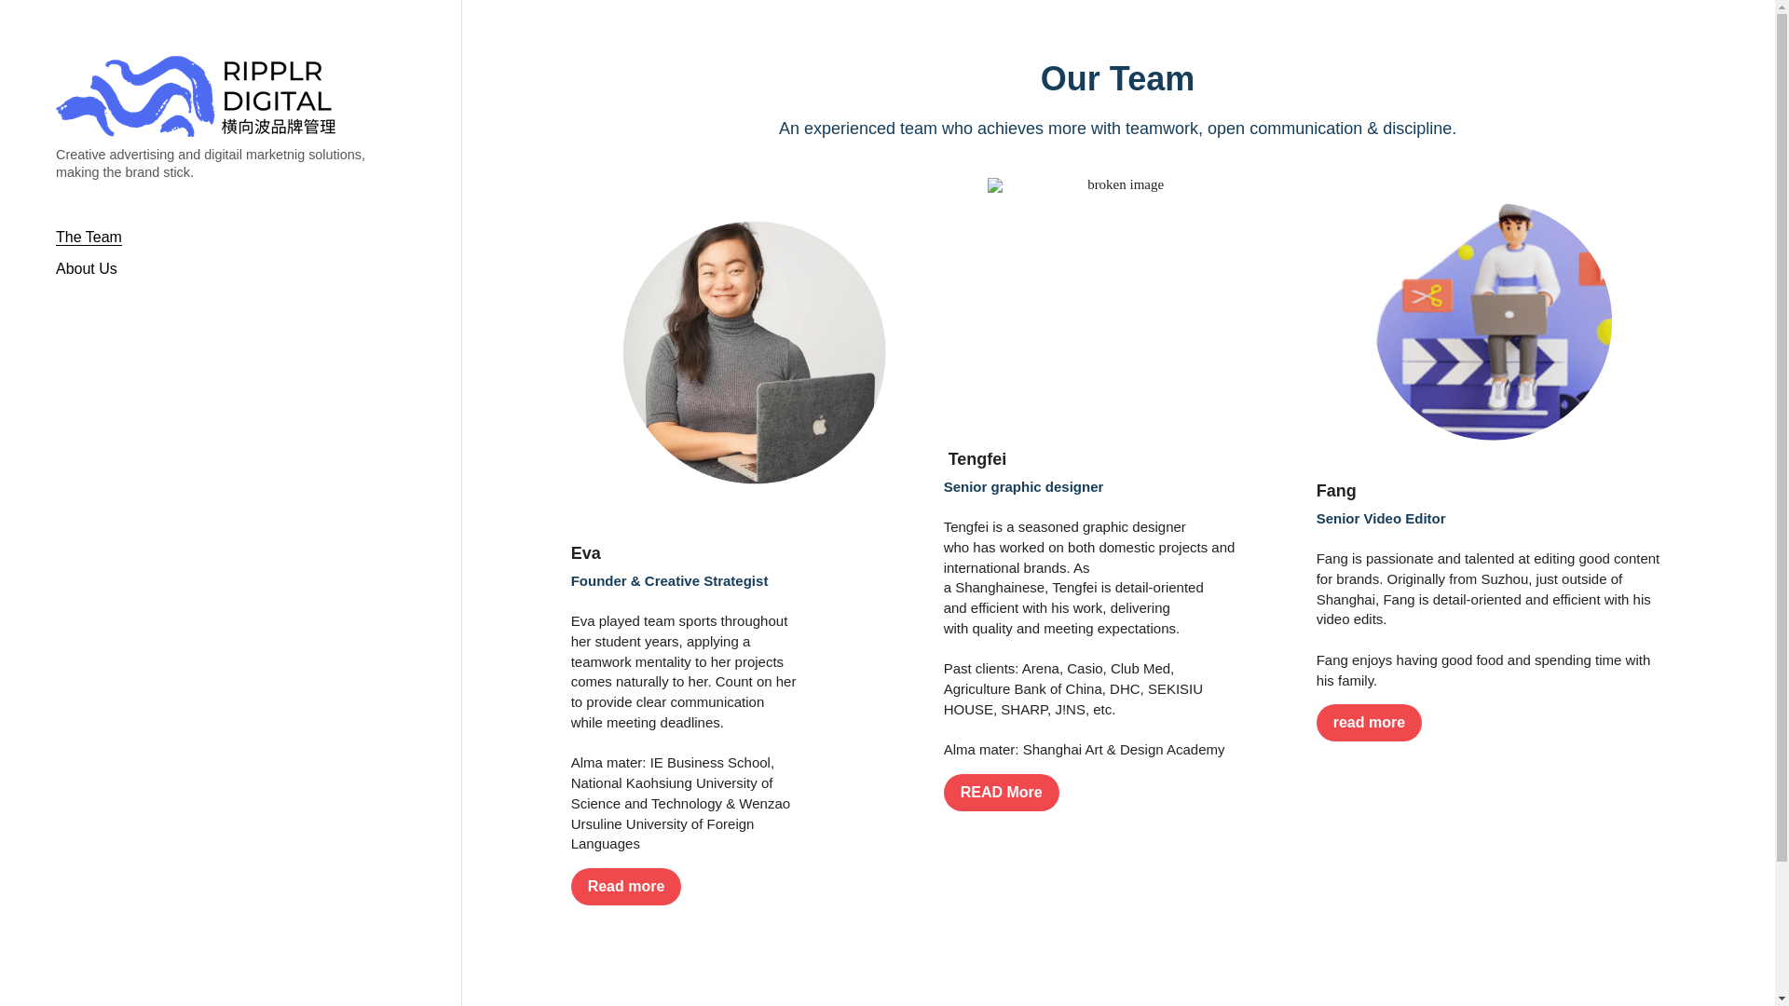  I want to click on 'READ More', so click(943, 793).